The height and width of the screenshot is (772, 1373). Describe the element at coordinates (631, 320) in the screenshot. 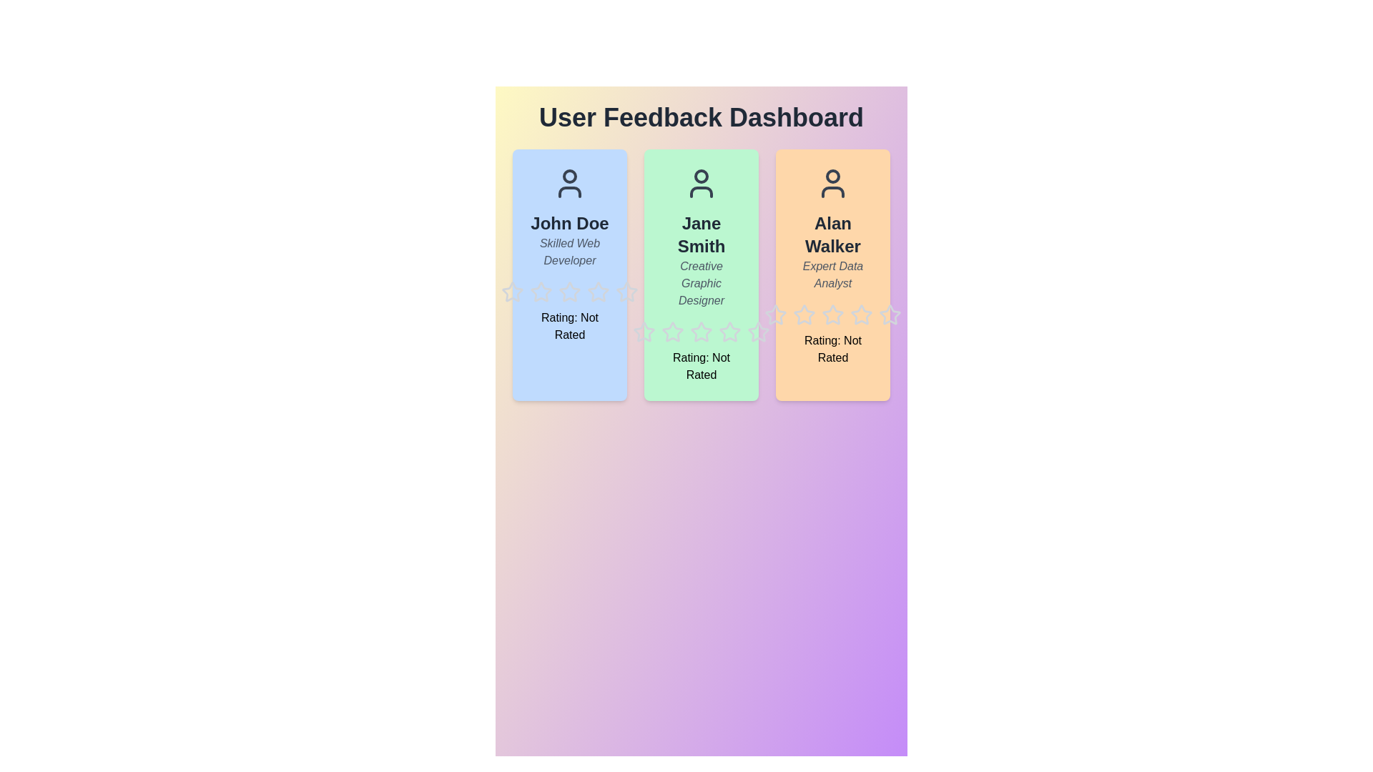

I see `the star icon corresponding to 1 for user Jane Smith` at that location.